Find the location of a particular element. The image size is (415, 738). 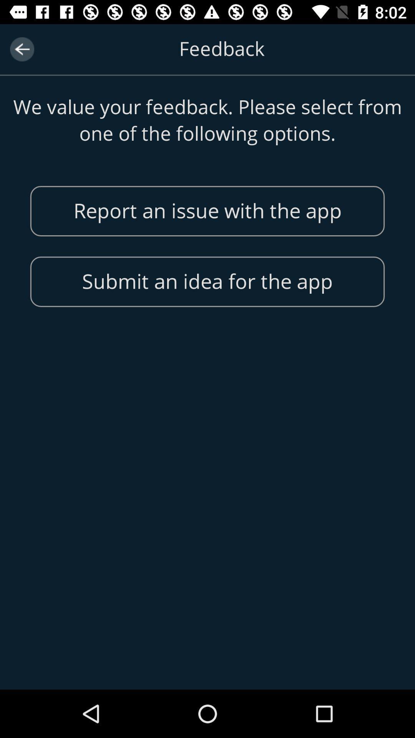

the arrow_backward icon is located at coordinates (22, 49).